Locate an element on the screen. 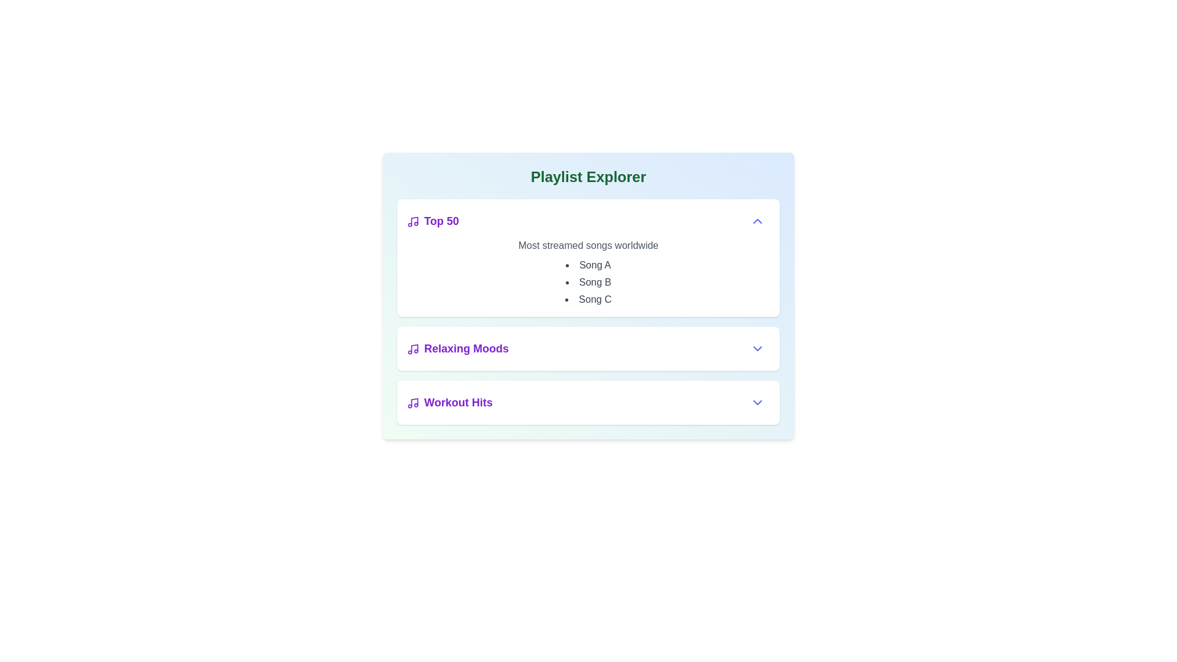 This screenshot has height=662, width=1177. the playlist Relaxing Moods to toggle its expanded state is located at coordinates (457, 349).